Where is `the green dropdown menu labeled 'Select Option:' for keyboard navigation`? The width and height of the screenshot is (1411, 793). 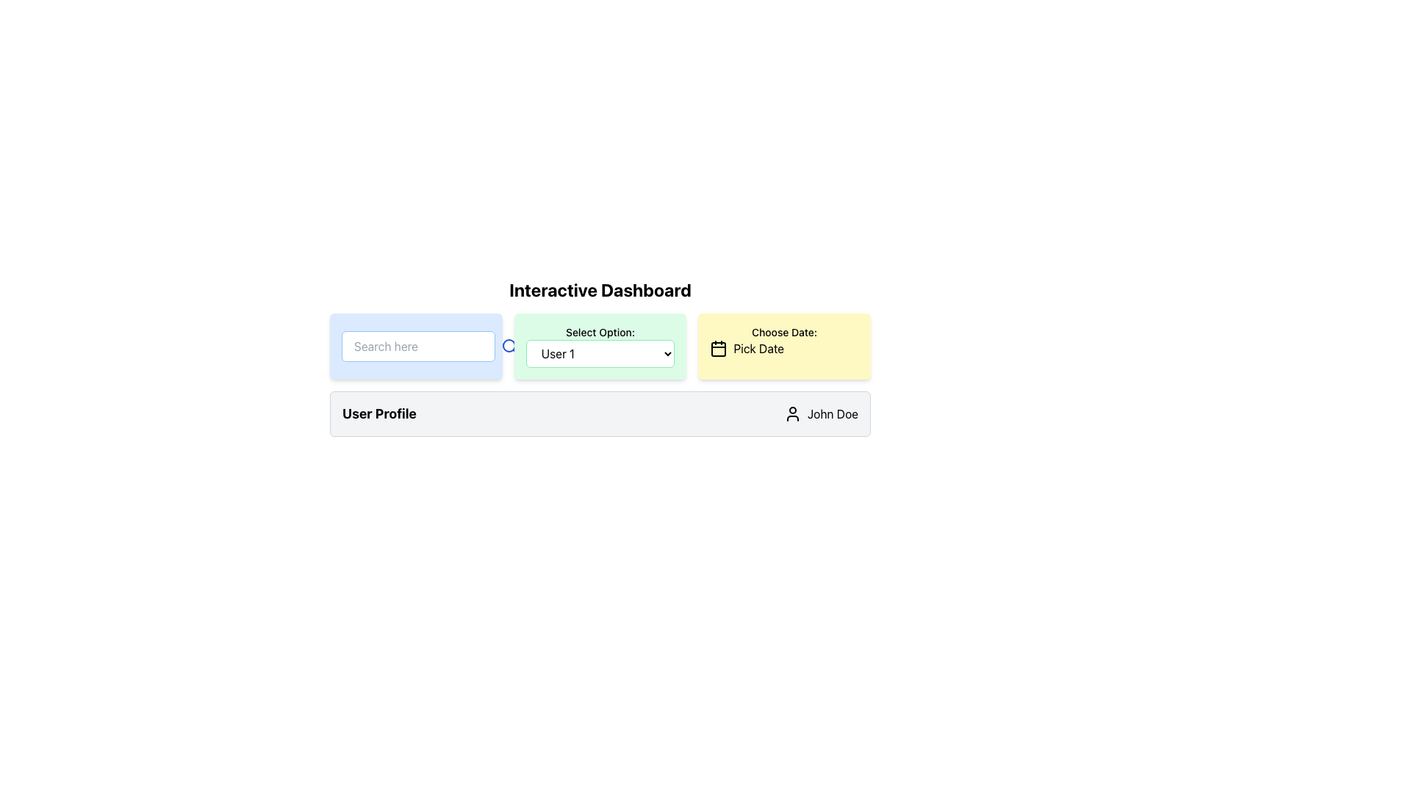 the green dropdown menu labeled 'Select Option:' for keyboard navigation is located at coordinates (600, 374).